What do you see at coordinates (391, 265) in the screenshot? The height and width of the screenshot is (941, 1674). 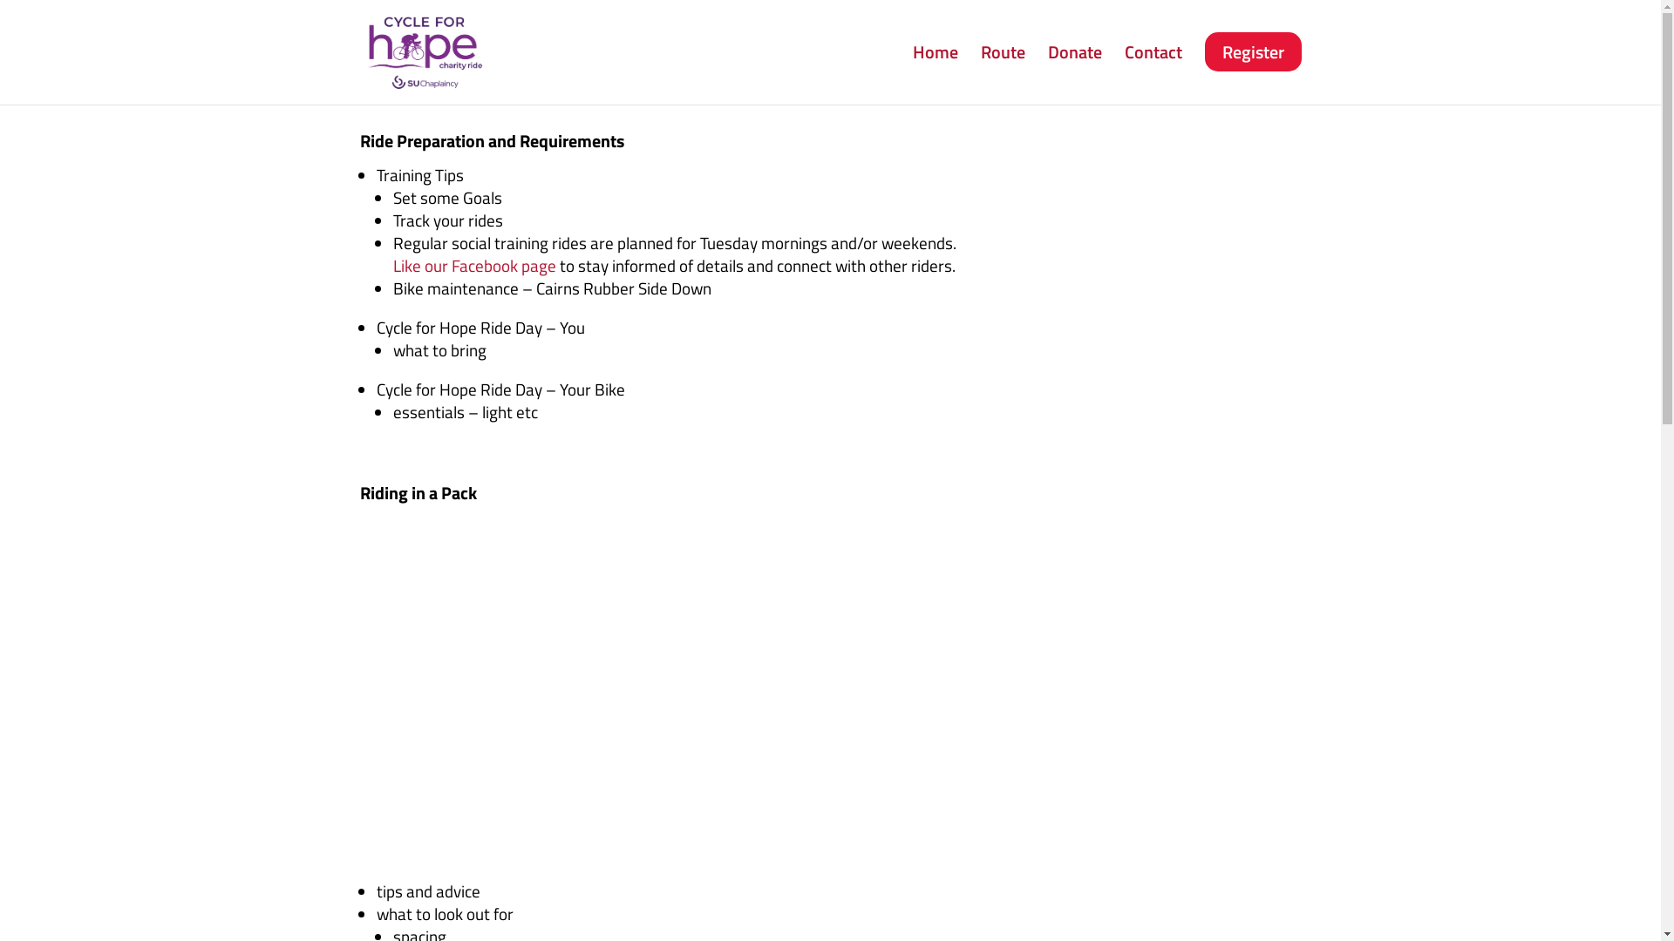 I see `'Like our Facebook page'` at bounding box center [391, 265].